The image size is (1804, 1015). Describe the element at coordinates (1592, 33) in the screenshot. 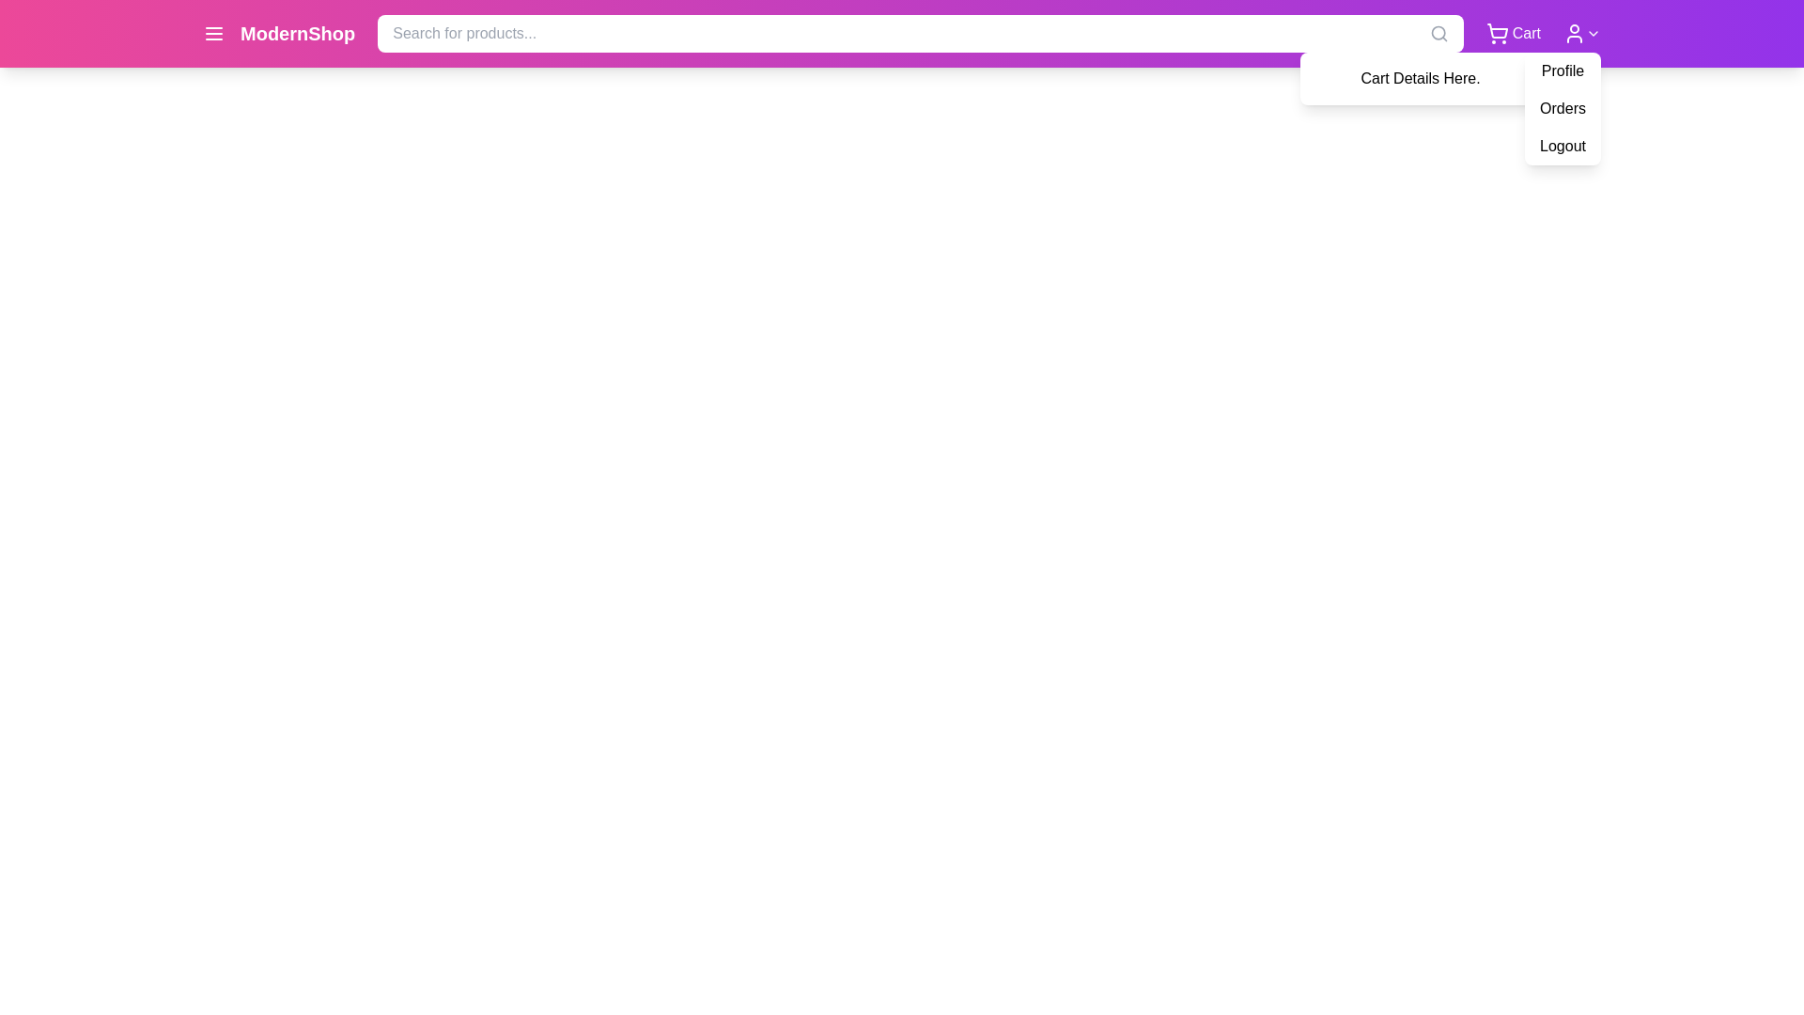

I see `the downward-facing chevron icon located at the top-right corner of the navigation bar` at that location.